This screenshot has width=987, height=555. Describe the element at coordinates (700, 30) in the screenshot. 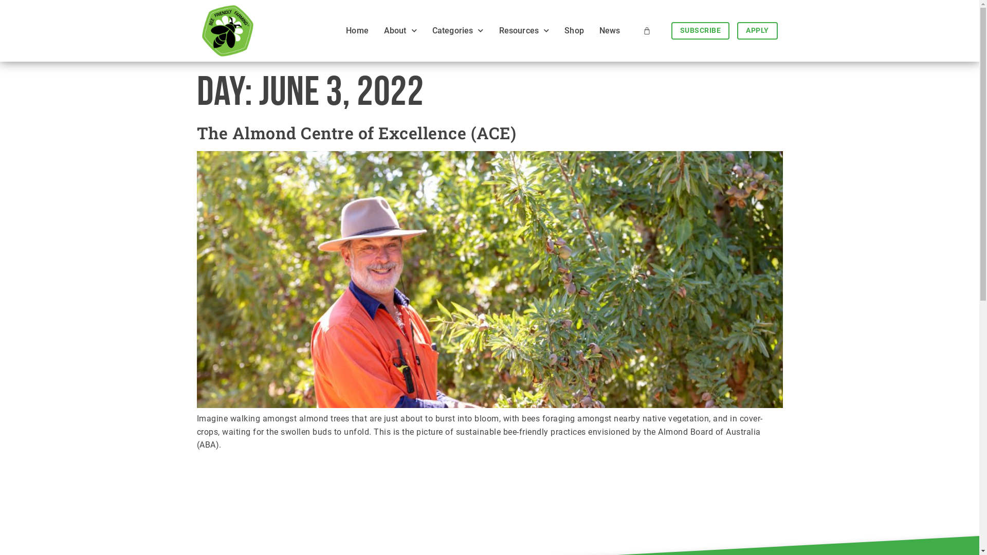

I see `'SUBSCRIBE'` at that location.